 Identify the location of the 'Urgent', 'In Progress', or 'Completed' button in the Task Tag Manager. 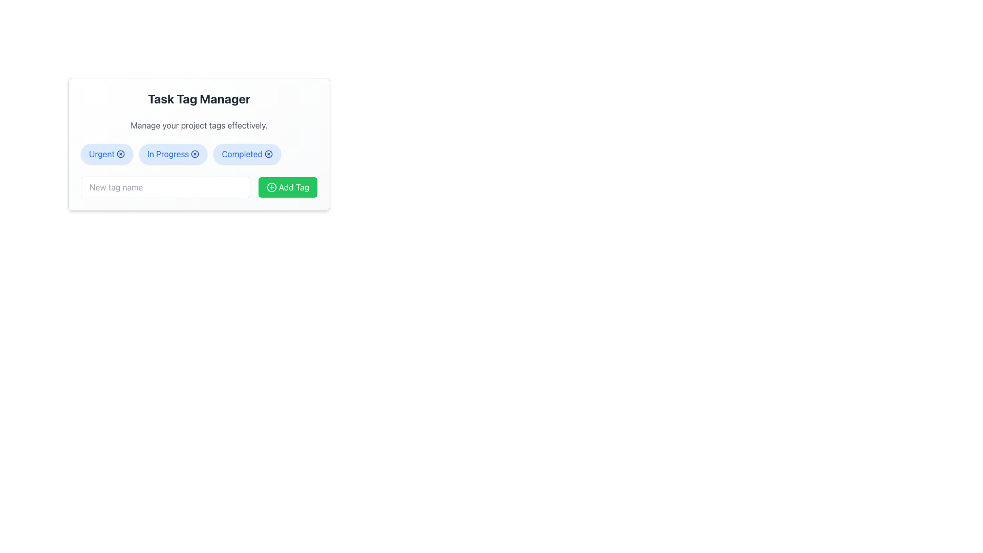
(199, 154).